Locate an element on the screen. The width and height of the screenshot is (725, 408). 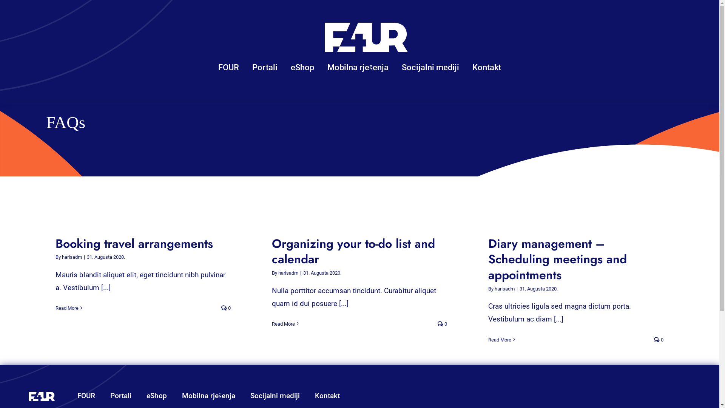
'Kontakt' is located at coordinates (487, 68).